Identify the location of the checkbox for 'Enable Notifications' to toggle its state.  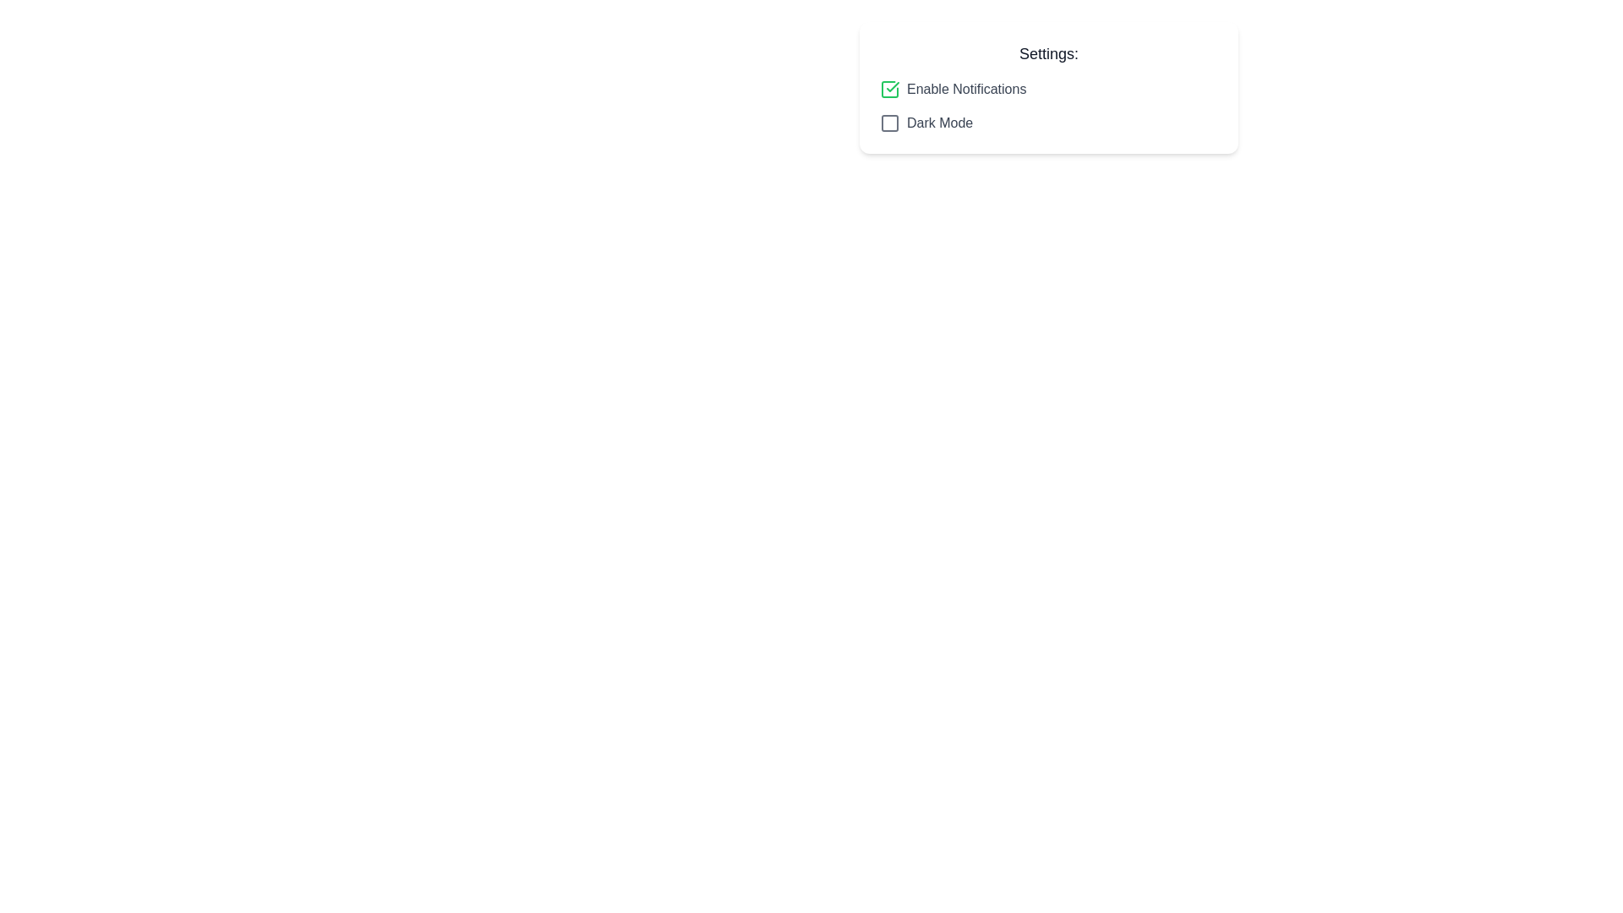
(888, 89).